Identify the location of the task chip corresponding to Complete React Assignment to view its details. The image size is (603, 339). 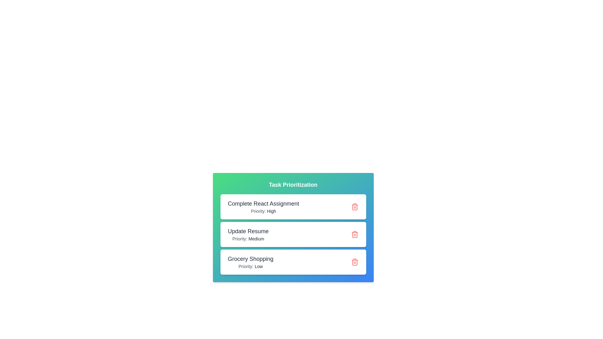
(293, 207).